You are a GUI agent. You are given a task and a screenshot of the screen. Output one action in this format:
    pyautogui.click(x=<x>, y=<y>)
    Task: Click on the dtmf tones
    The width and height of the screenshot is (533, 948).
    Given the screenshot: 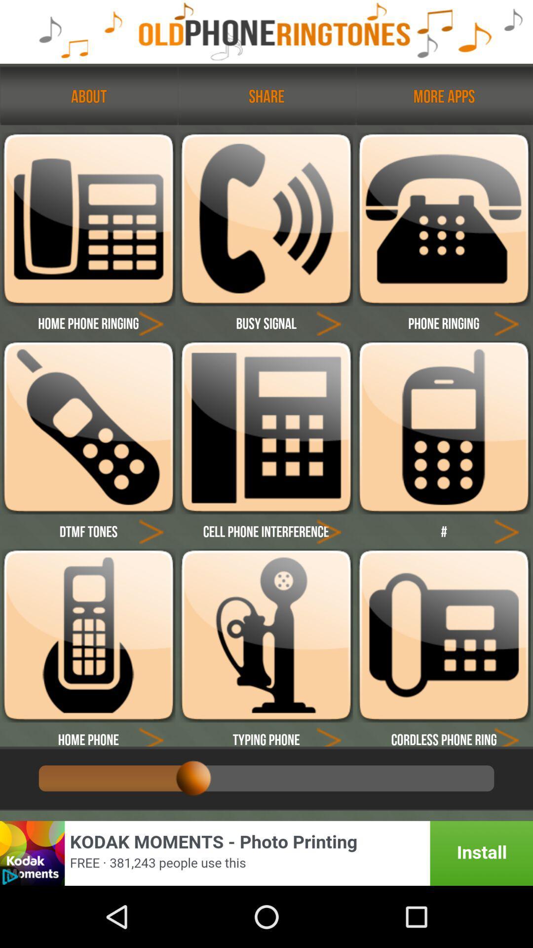 What is the action you would take?
    pyautogui.click(x=88, y=531)
    